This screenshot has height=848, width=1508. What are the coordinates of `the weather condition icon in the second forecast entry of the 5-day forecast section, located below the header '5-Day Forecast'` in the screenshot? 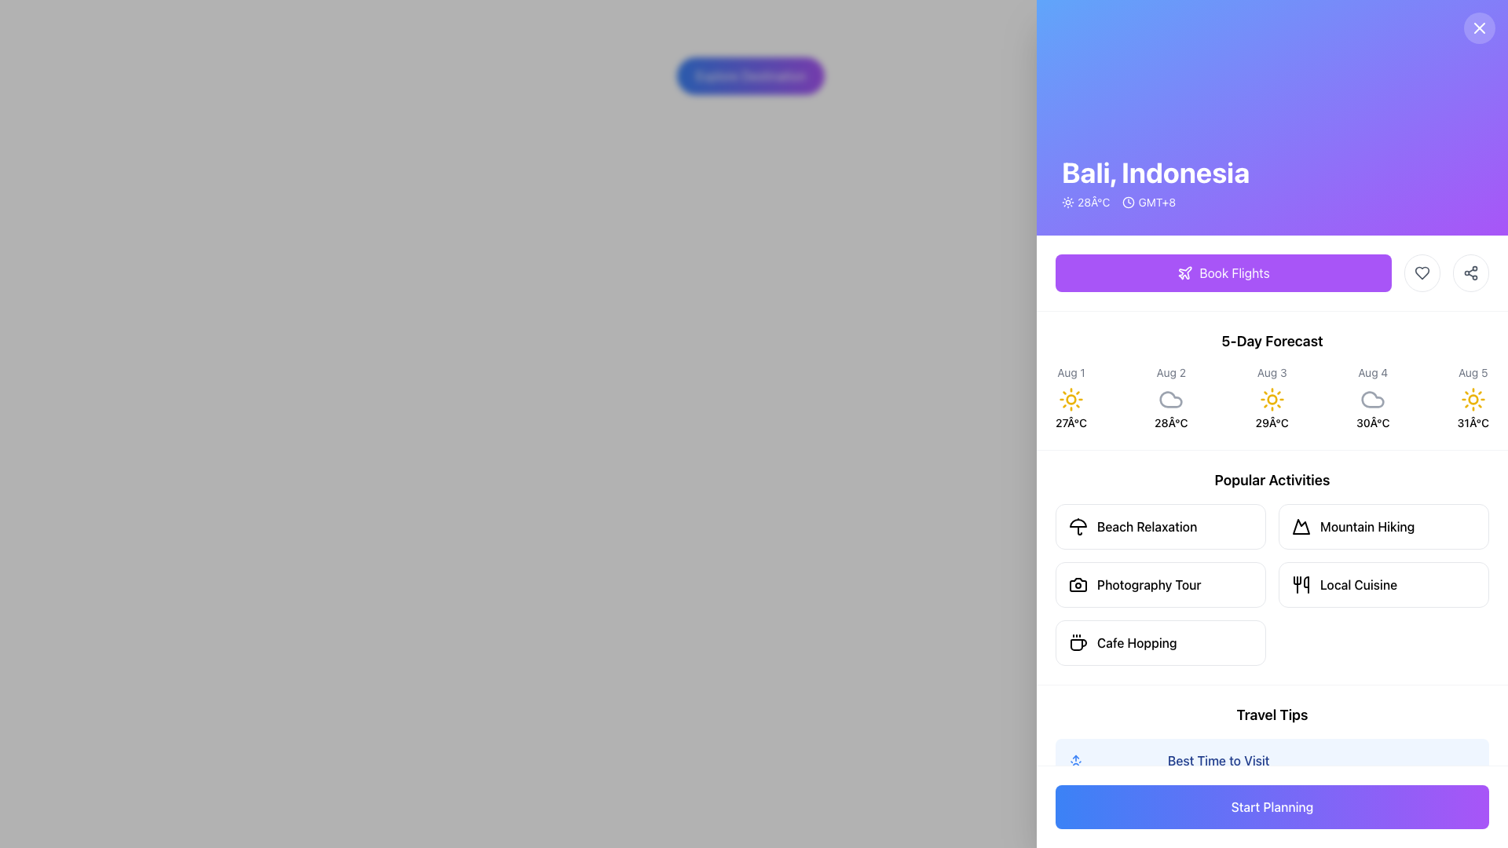 It's located at (1171, 397).